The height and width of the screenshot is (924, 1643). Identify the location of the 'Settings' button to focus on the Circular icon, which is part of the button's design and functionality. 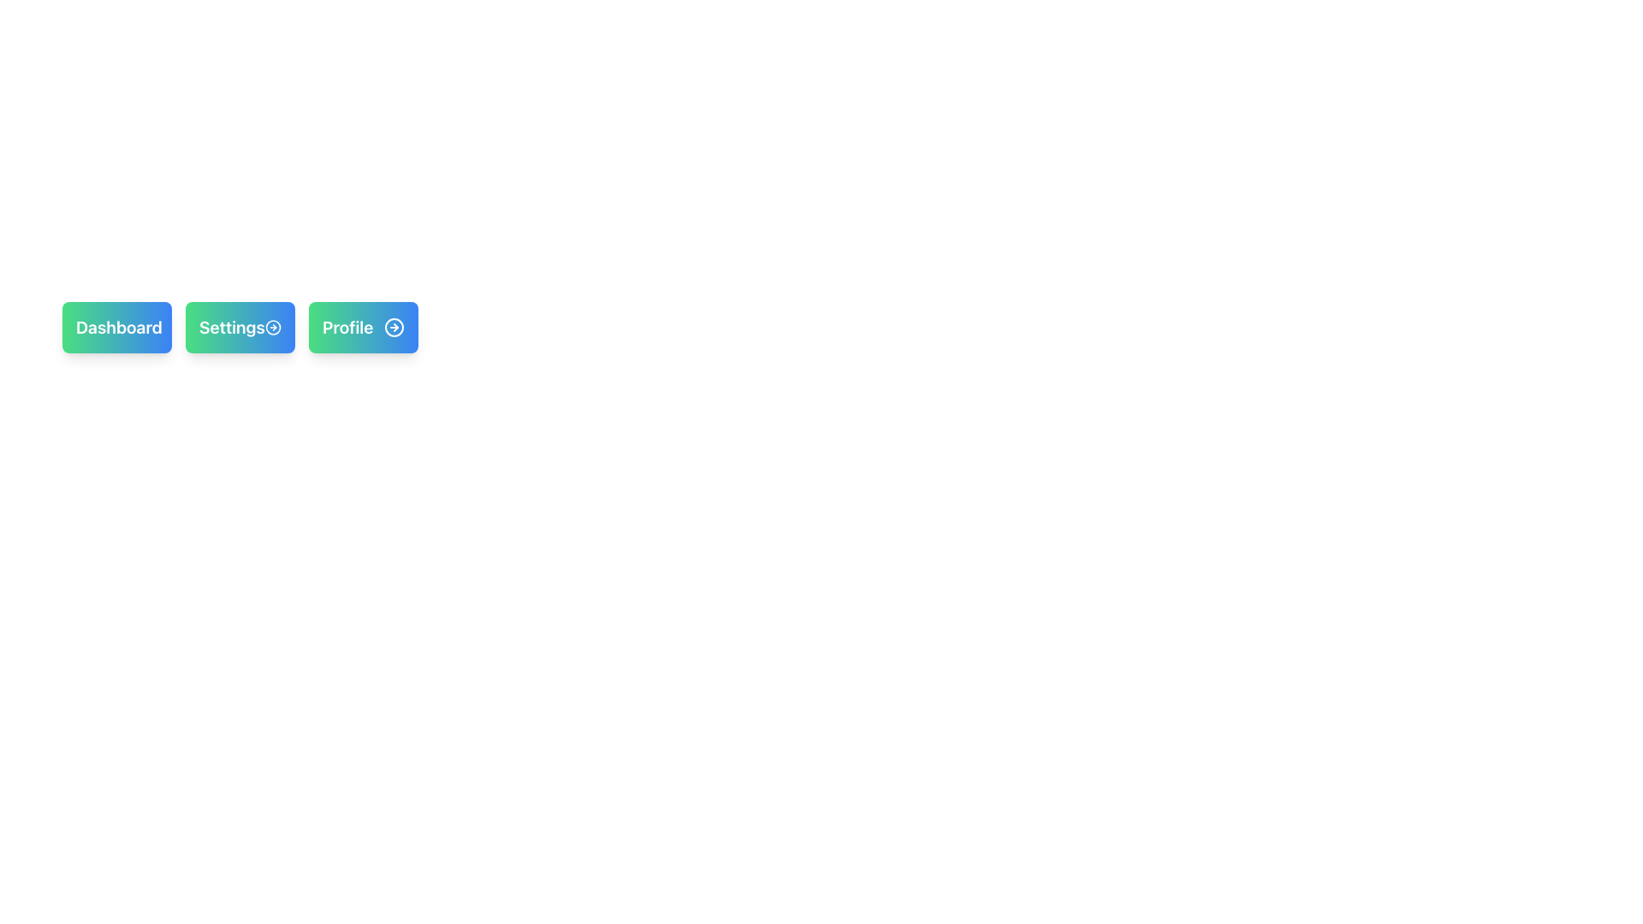
(272, 327).